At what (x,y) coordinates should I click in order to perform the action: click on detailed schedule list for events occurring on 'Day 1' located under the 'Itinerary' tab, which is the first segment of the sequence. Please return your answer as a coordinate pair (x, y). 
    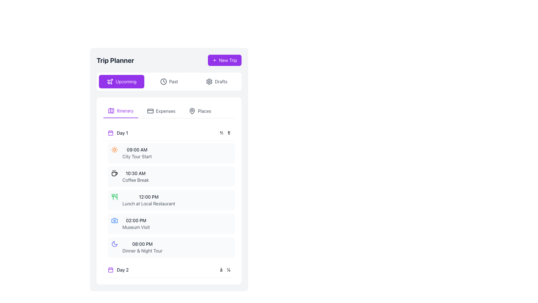
    Looking at the image, I should click on (169, 191).